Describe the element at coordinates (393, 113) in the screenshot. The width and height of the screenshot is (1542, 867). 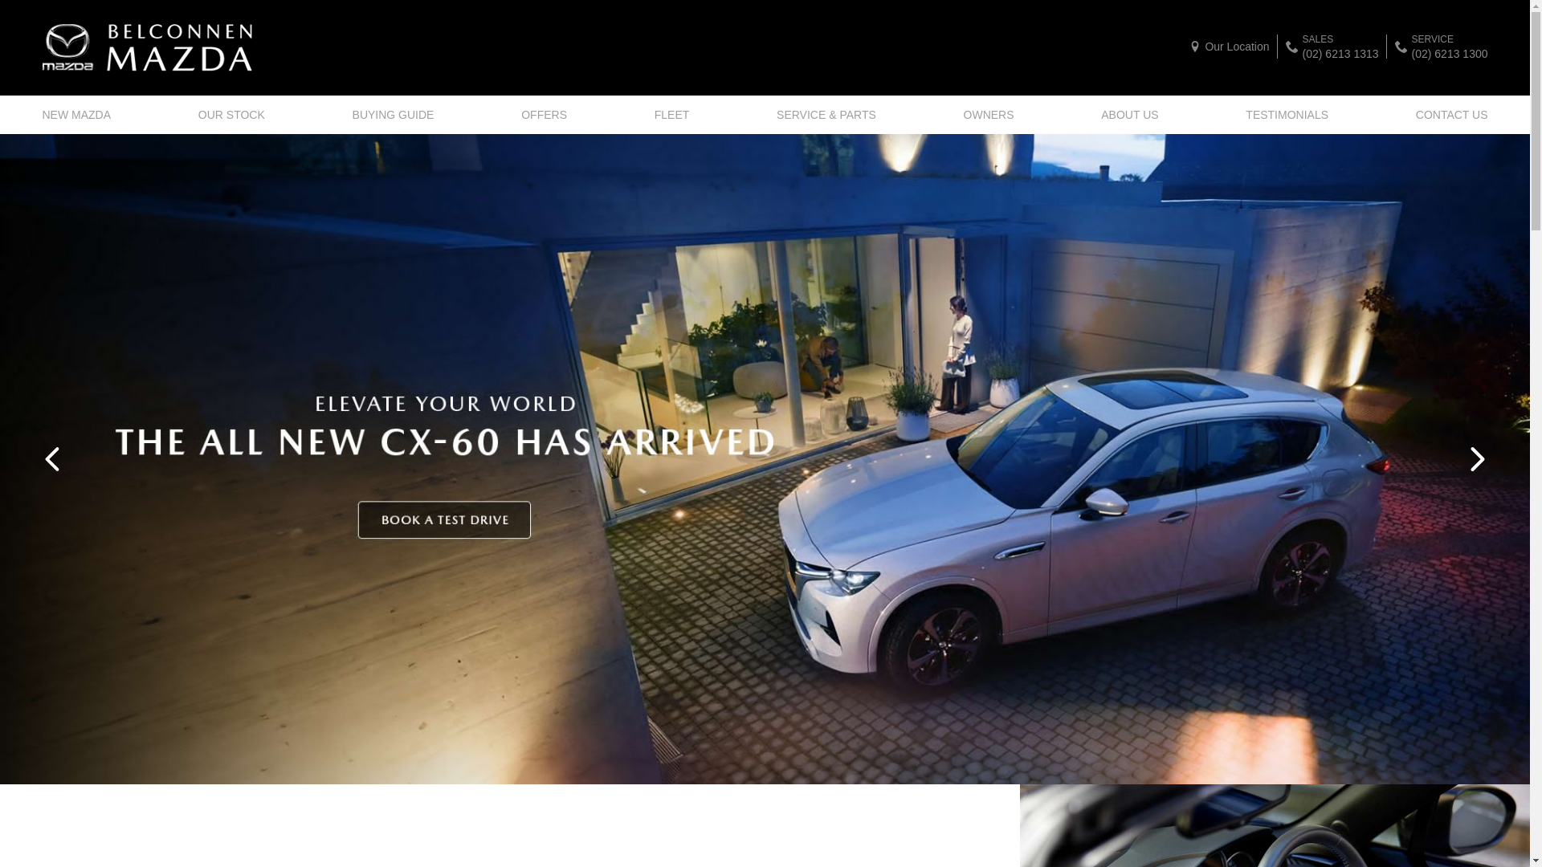
I see `'BUYING GUIDE'` at that location.